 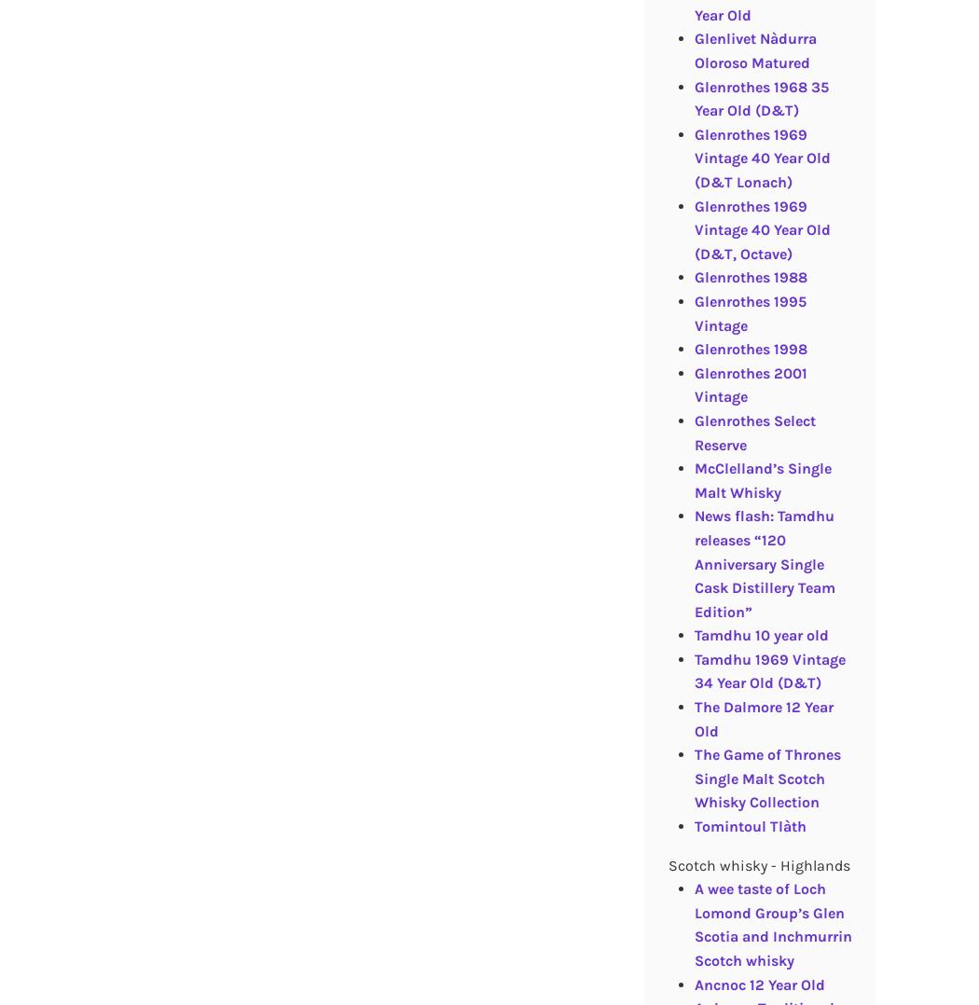 What do you see at coordinates (759, 635) in the screenshot?
I see `'Tamdhu 10 year old'` at bounding box center [759, 635].